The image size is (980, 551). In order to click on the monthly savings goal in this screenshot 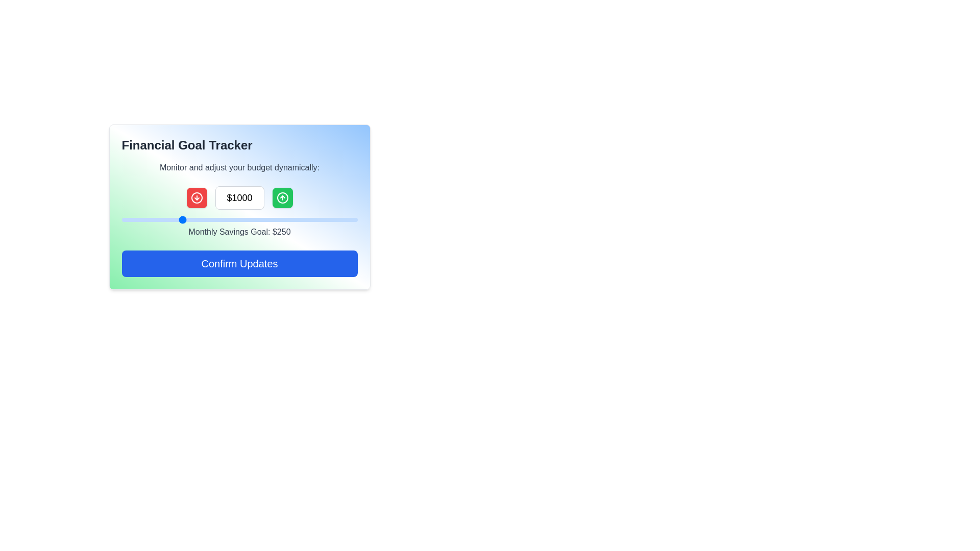, I will do `click(331, 219)`.